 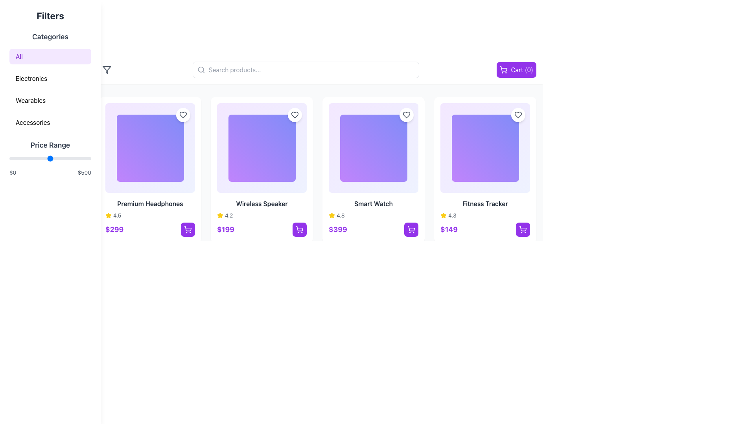 What do you see at coordinates (108, 215) in the screenshot?
I see `the yellow star icon representing the rating for 'Premium Headphones', located to the left of the text '4.5'` at bounding box center [108, 215].